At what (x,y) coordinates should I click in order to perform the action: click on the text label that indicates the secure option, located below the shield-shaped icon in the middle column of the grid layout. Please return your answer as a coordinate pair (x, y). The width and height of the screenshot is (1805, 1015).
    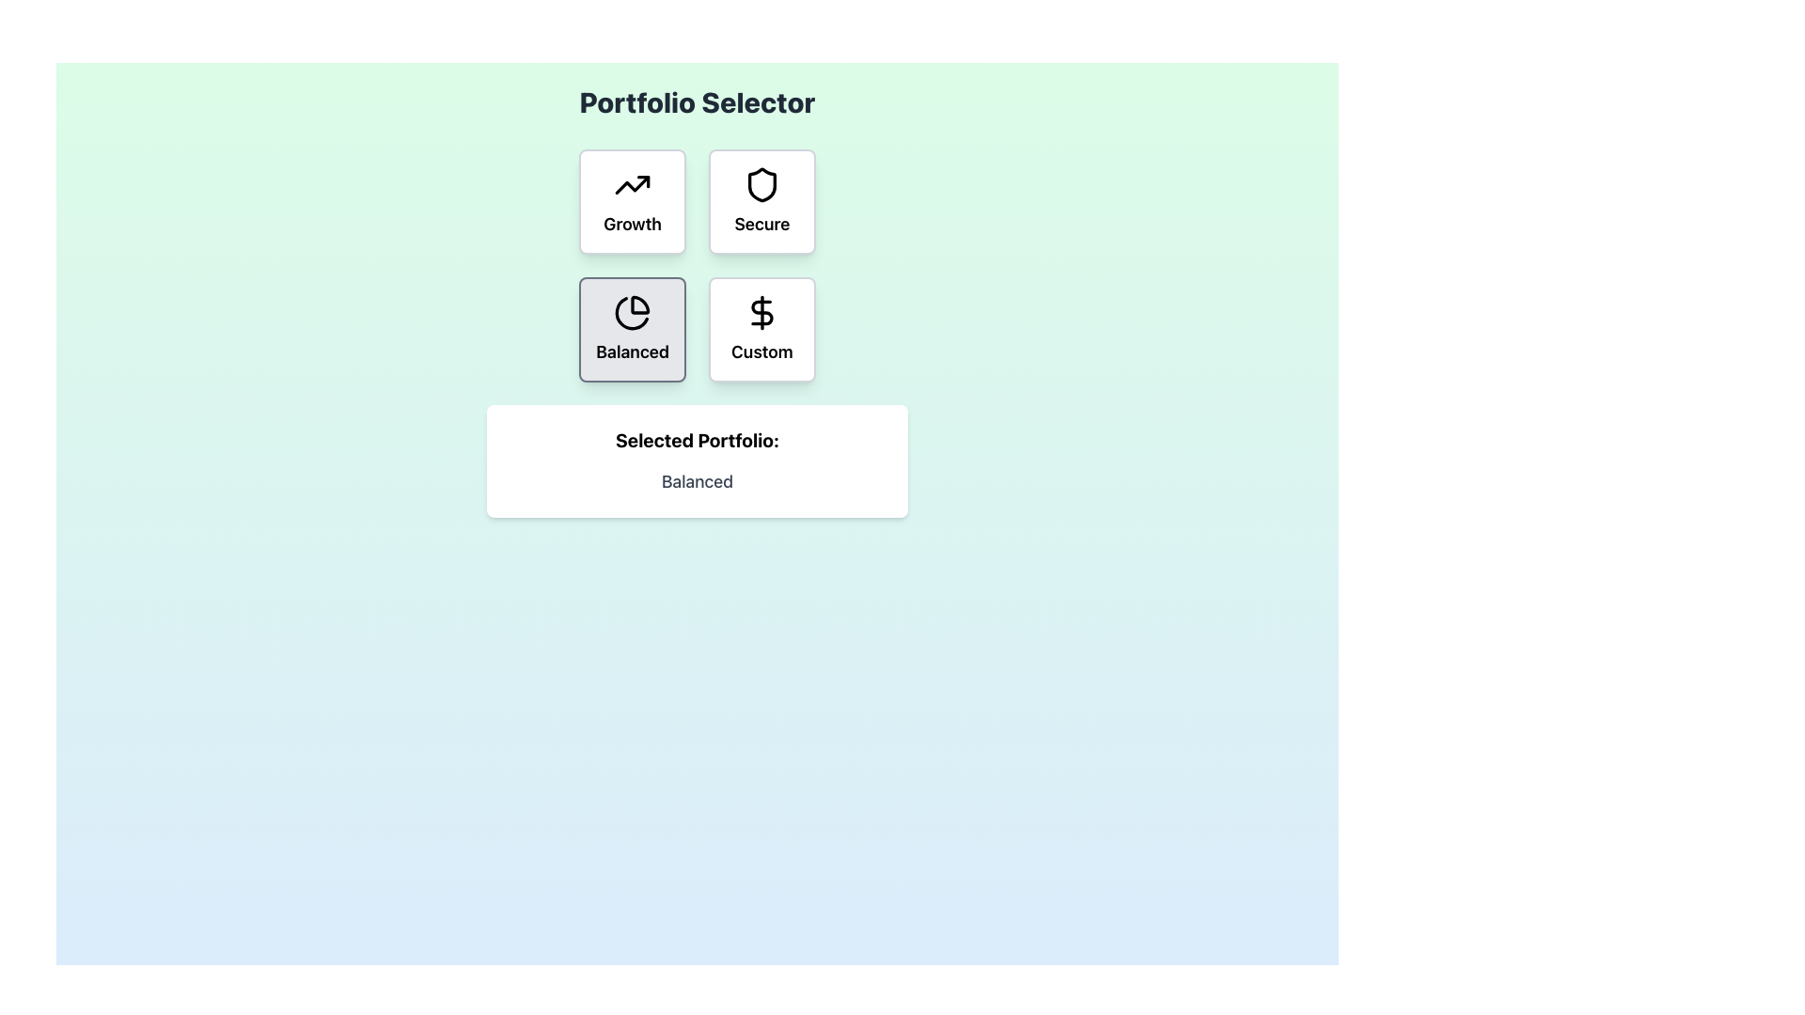
    Looking at the image, I should click on (761, 224).